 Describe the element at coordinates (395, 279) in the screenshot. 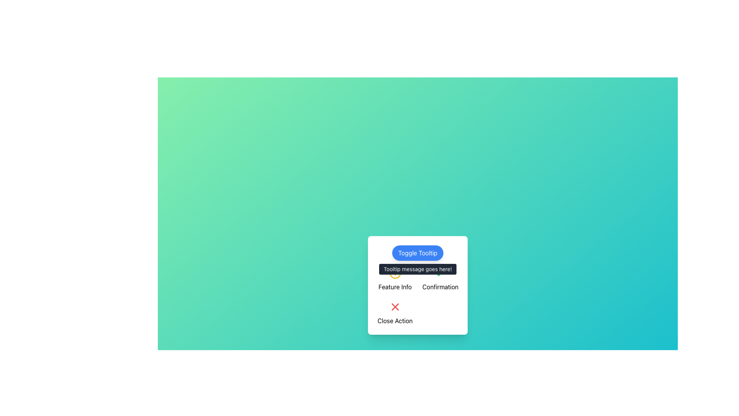

I see `the circular yellow information icon located above the 'Feature Info' text in the upper left section of the grid layout` at that location.